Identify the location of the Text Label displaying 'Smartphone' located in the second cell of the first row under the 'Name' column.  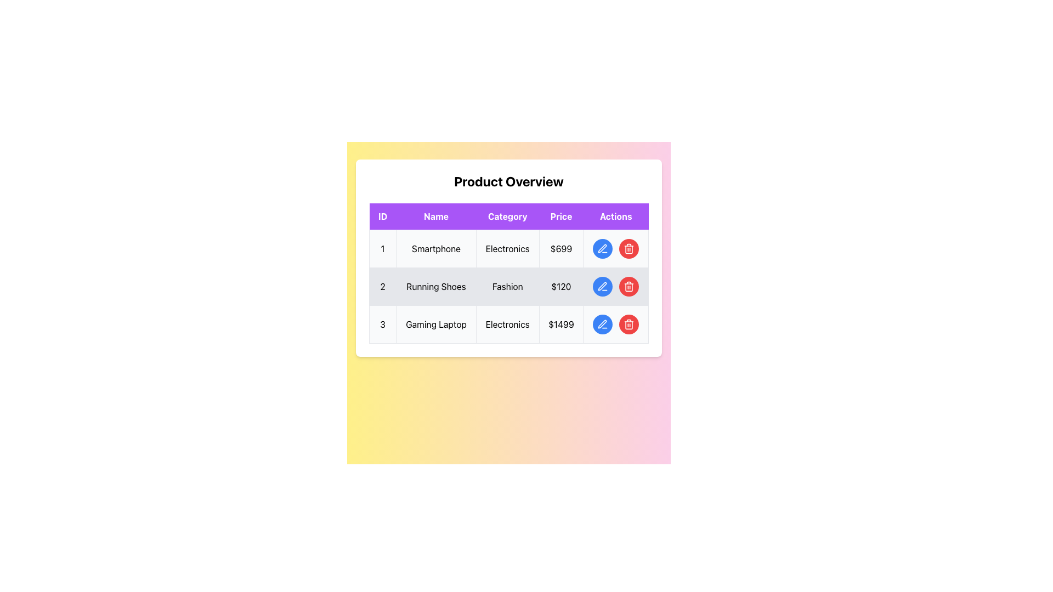
(435, 249).